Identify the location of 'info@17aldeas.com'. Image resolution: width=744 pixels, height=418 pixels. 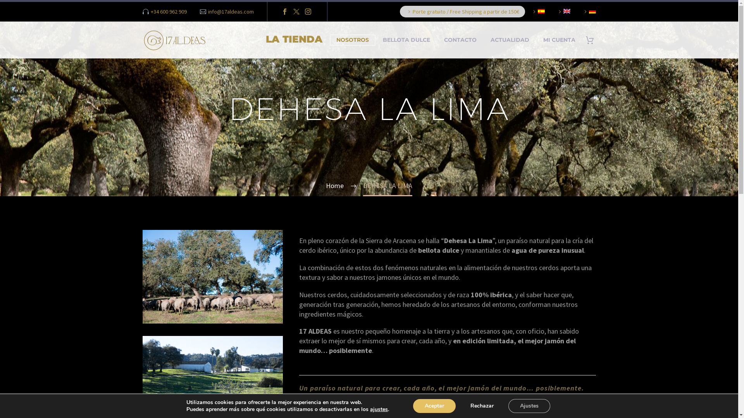
(230, 12).